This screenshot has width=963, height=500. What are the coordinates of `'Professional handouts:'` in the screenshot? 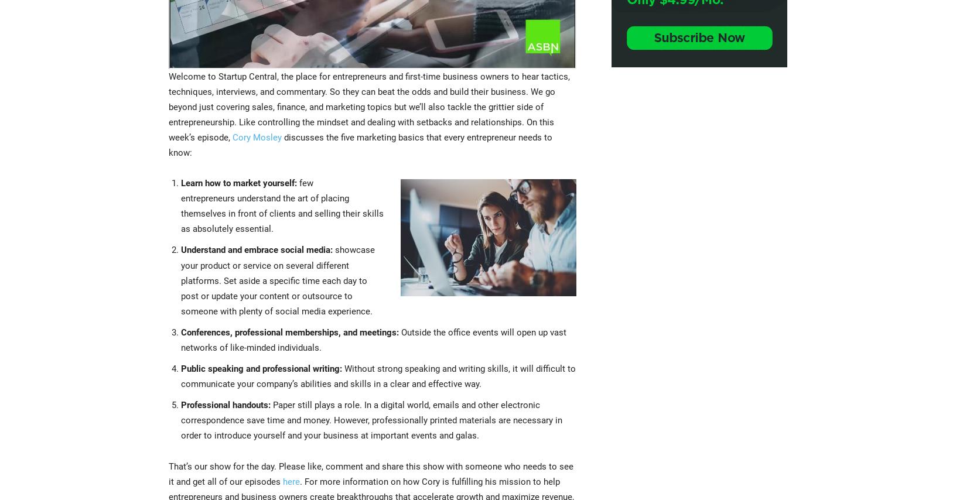 It's located at (225, 404).